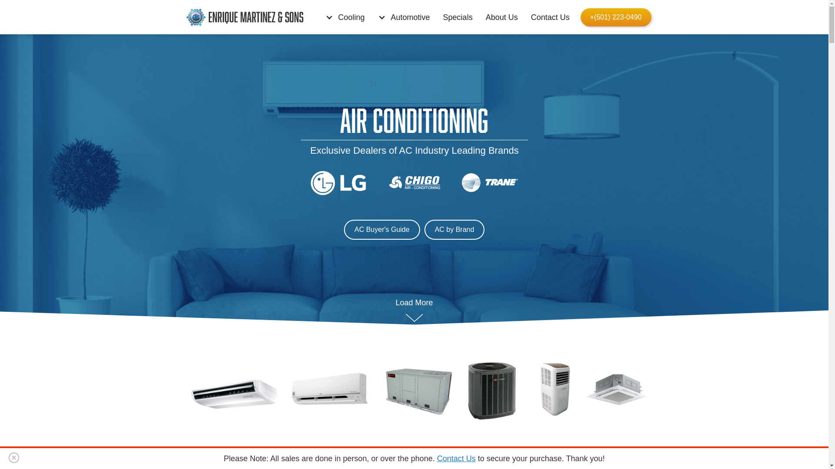 This screenshot has height=469, width=835. I want to click on 'Specials', so click(459, 17).